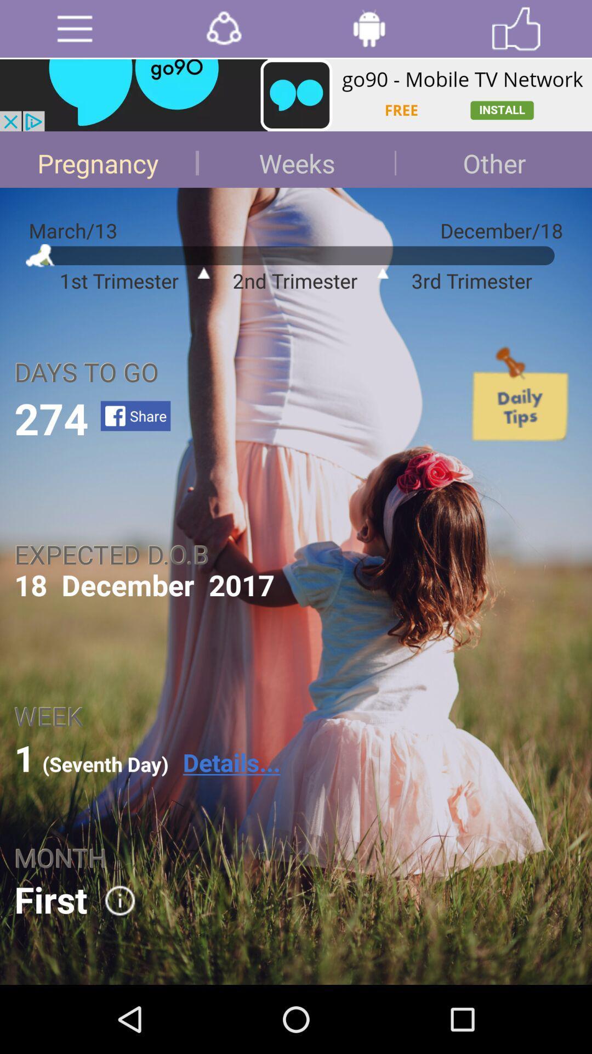  What do you see at coordinates (296, 159) in the screenshot?
I see `the text which is right to the text pregnancy` at bounding box center [296, 159].